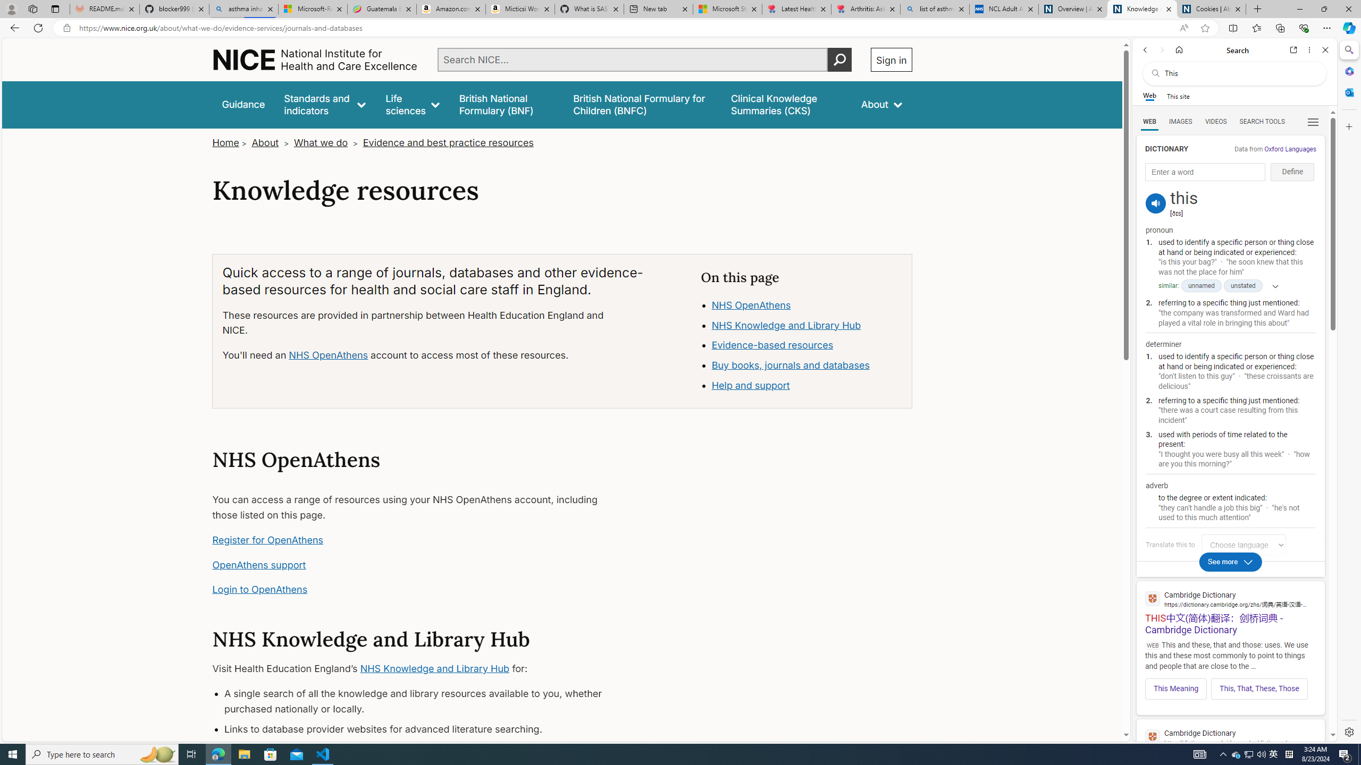 The image size is (1361, 765). Describe the element at coordinates (268, 539) in the screenshot. I see `'Register for OpenAthens'` at that location.